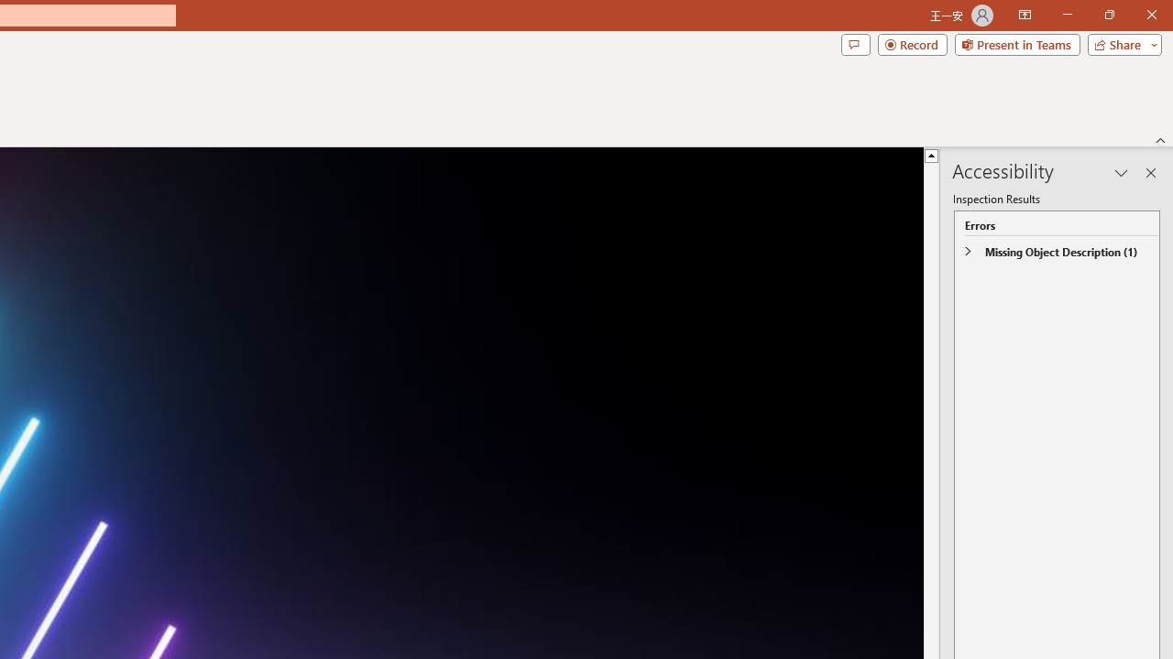 The height and width of the screenshot is (659, 1173). Describe the element at coordinates (1120, 43) in the screenshot. I see `'Share'` at that location.